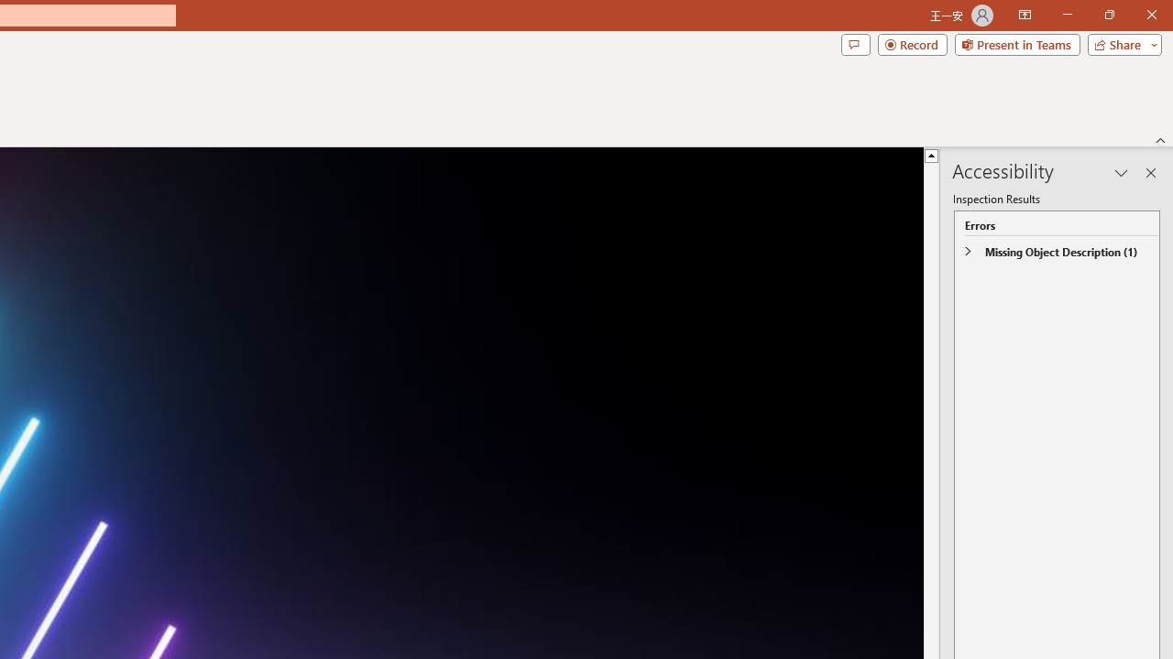 The height and width of the screenshot is (659, 1173). Describe the element at coordinates (1120, 43) in the screenshot. I see `'Share'` at that location.